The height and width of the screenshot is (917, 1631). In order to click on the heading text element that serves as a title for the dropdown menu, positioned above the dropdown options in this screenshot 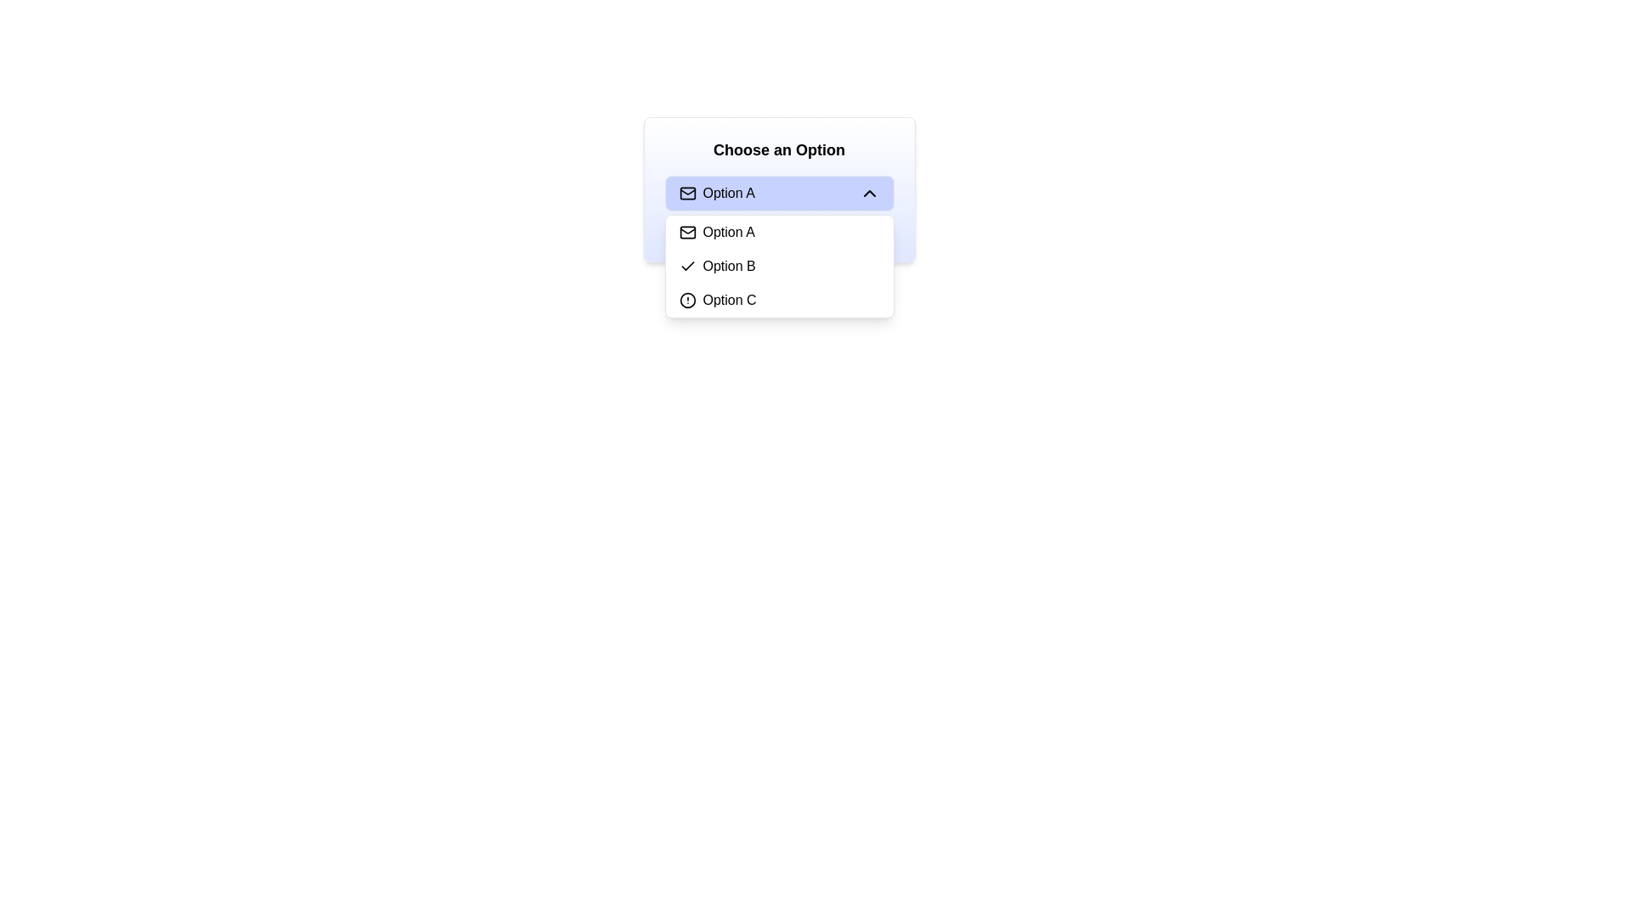, I will do `click(778, 149)`.